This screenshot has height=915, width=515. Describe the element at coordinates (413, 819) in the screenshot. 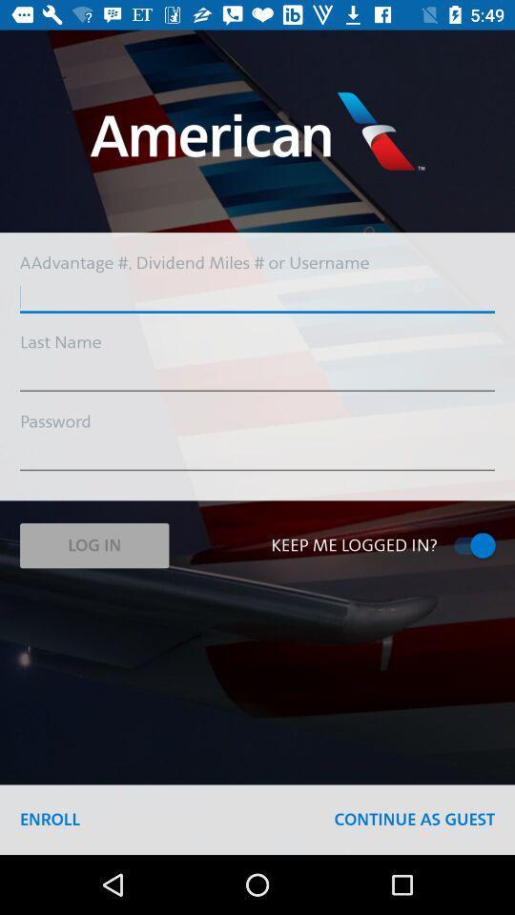

I see `the icon at the bottom right corner` at that location.